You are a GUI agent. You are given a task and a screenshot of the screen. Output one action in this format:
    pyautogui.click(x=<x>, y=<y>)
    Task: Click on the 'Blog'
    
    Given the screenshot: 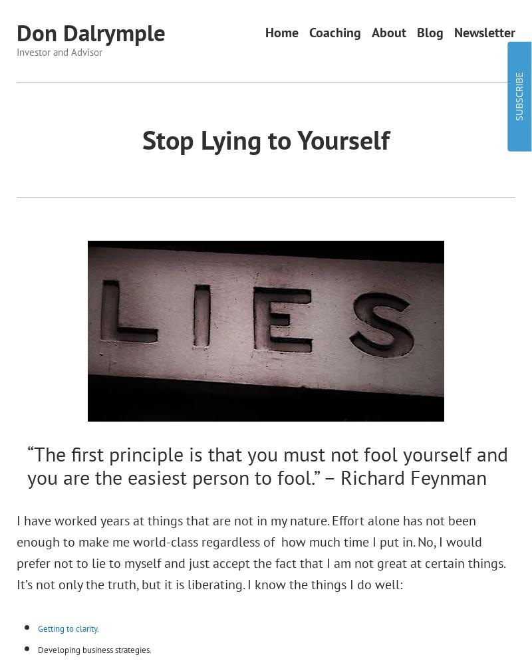 What is the action you would take?
    pyautogui.click(x=429, y=33)
    